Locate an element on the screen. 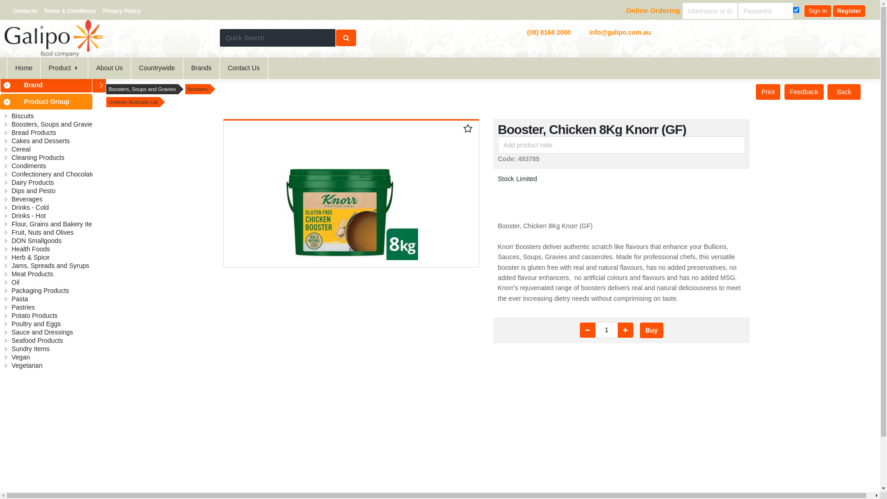  'remember me' is located at coordinates (796, 10).